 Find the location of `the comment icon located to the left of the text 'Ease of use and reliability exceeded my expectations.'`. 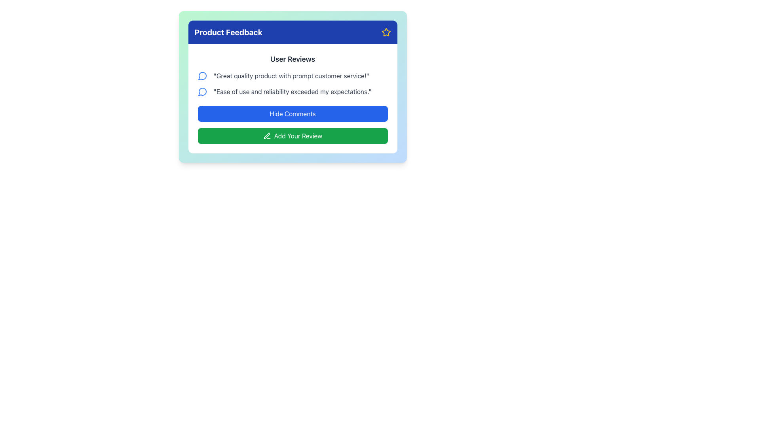

the comment icon located to the left of the text 'Ease of use and reliability exceeded my expectations.' is located at coordinates (202, 91).